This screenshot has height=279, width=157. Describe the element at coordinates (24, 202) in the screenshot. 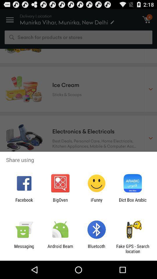

I see `the item to the left of the bigoven item` at that location.